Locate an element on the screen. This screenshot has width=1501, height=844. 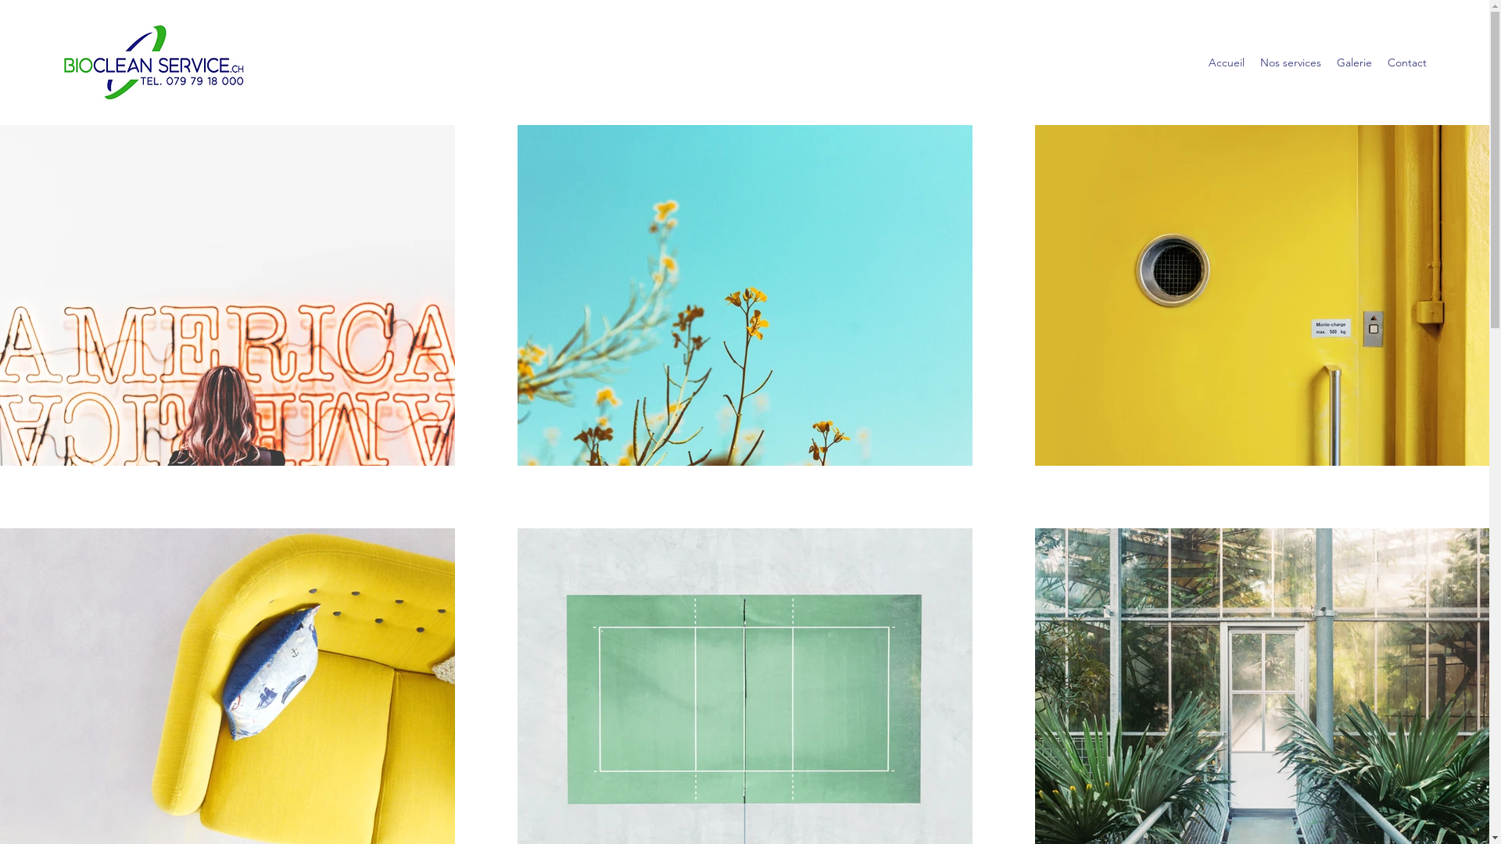
'Nos services' is located at coordinates (1291, 62).